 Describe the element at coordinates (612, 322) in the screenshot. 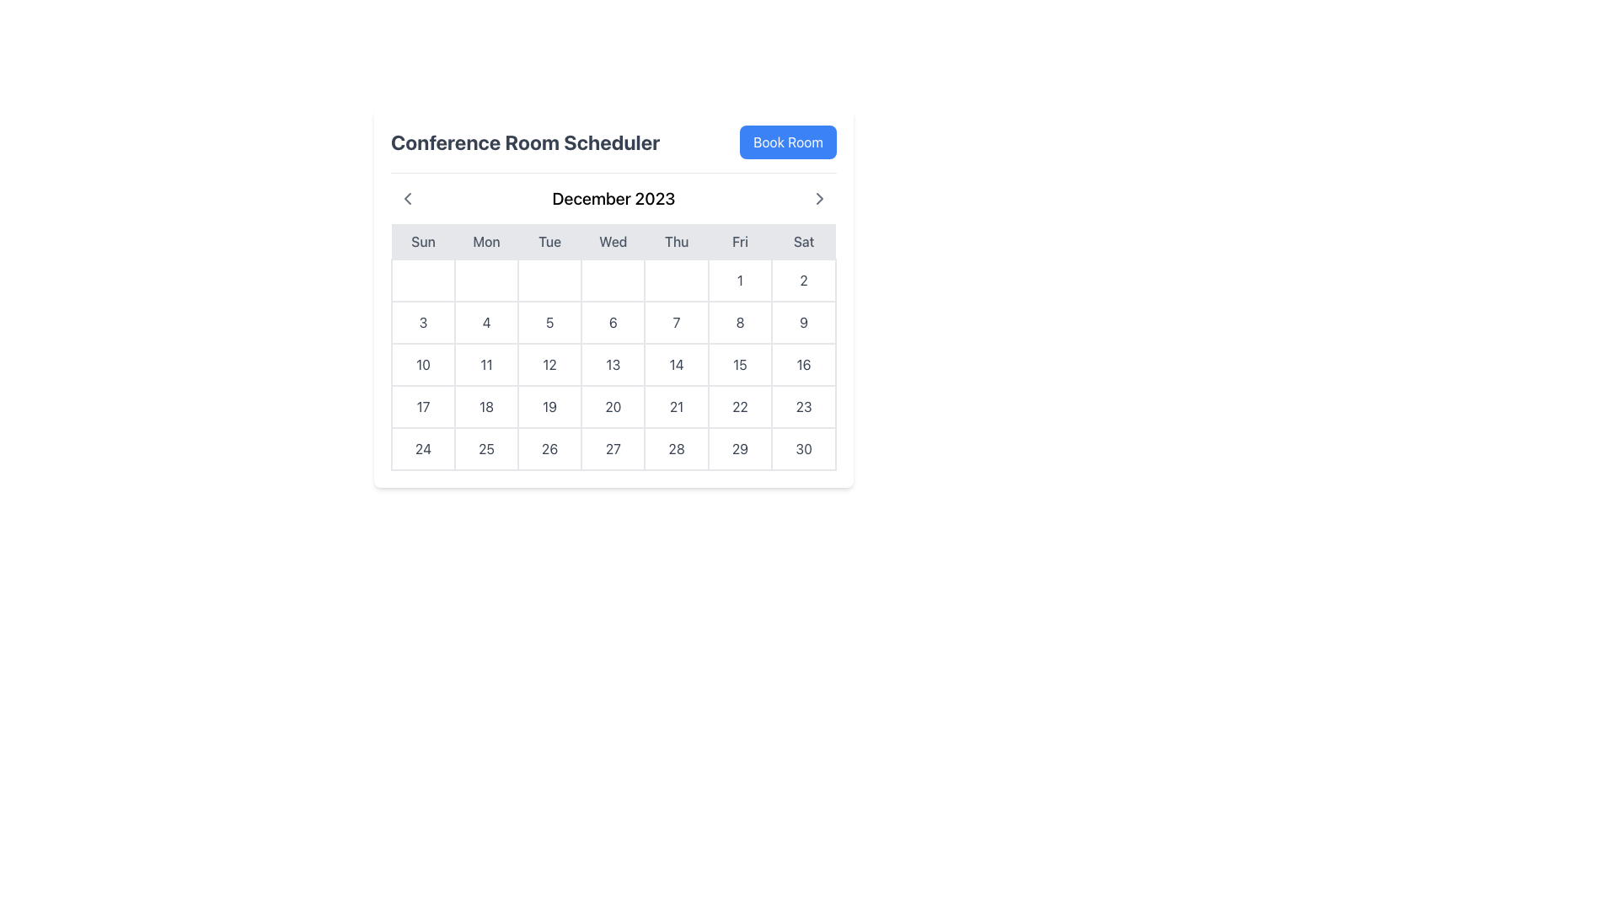

I see `the rounded rectangular button labeled '6' in the calendar interface under 'December 2023'` at that location.